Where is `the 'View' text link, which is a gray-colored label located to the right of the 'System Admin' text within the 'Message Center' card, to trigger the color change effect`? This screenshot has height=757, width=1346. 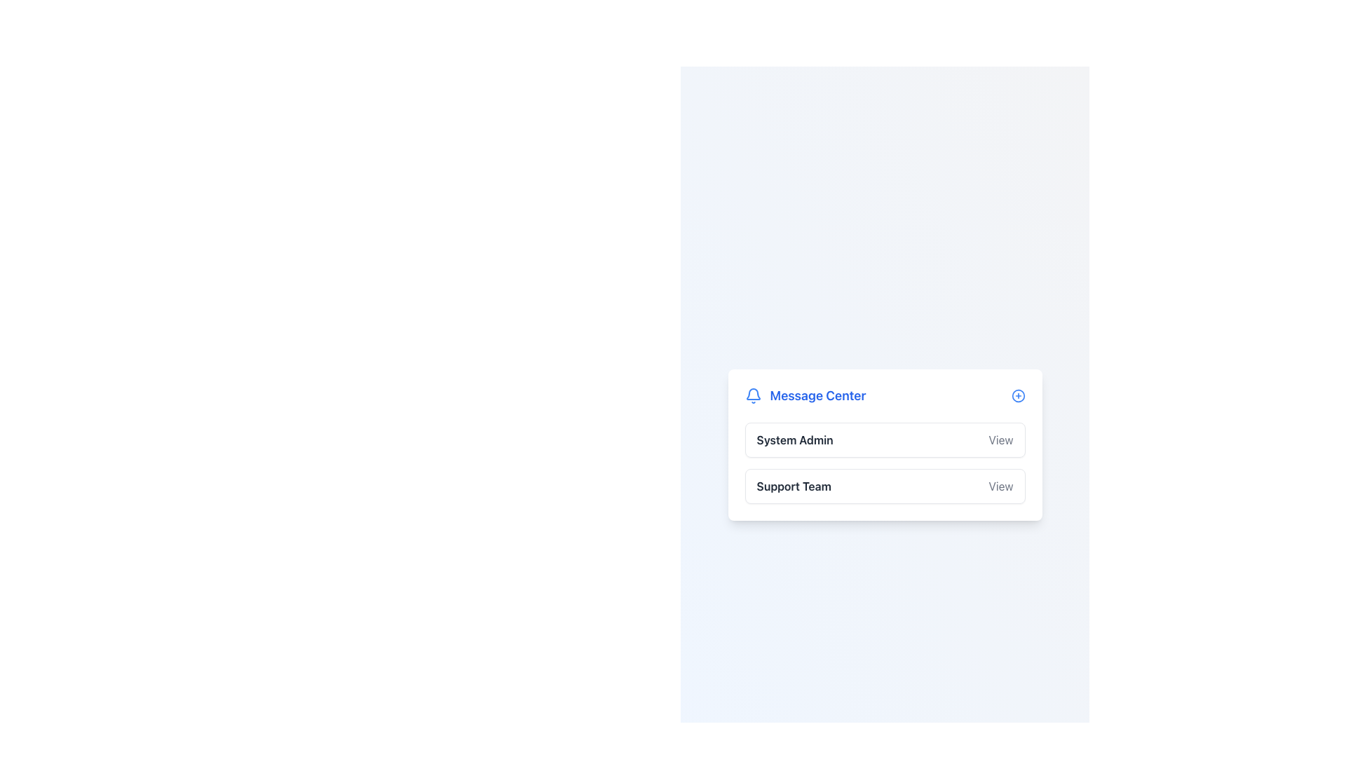 the 'View' text link, which is a gray-colored label located to the right of the 'System Admin' text within the 'Message Center' card, to trigger the color change effect is located at coordinates (1000, 439).